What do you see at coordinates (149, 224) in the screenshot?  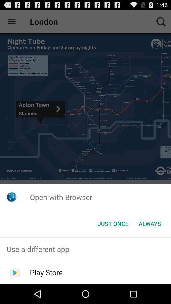 I see `the item at the bottom right corner` at bounding box center [149, 224].